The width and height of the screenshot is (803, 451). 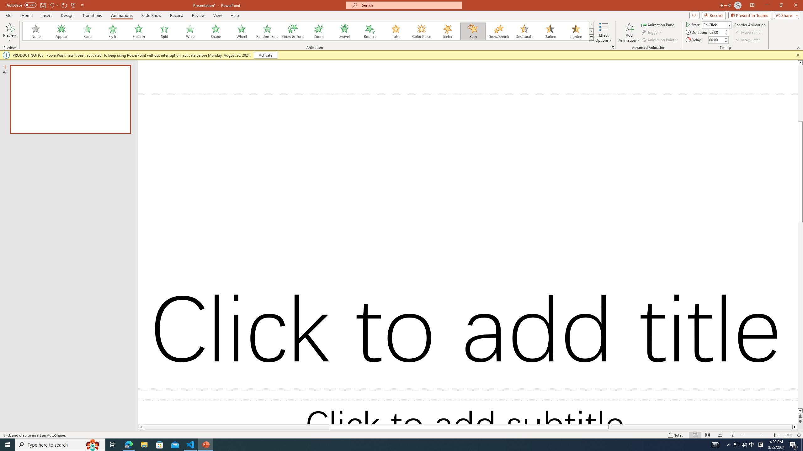 I want to click on 'Fly In', so click(x=113, y=31).